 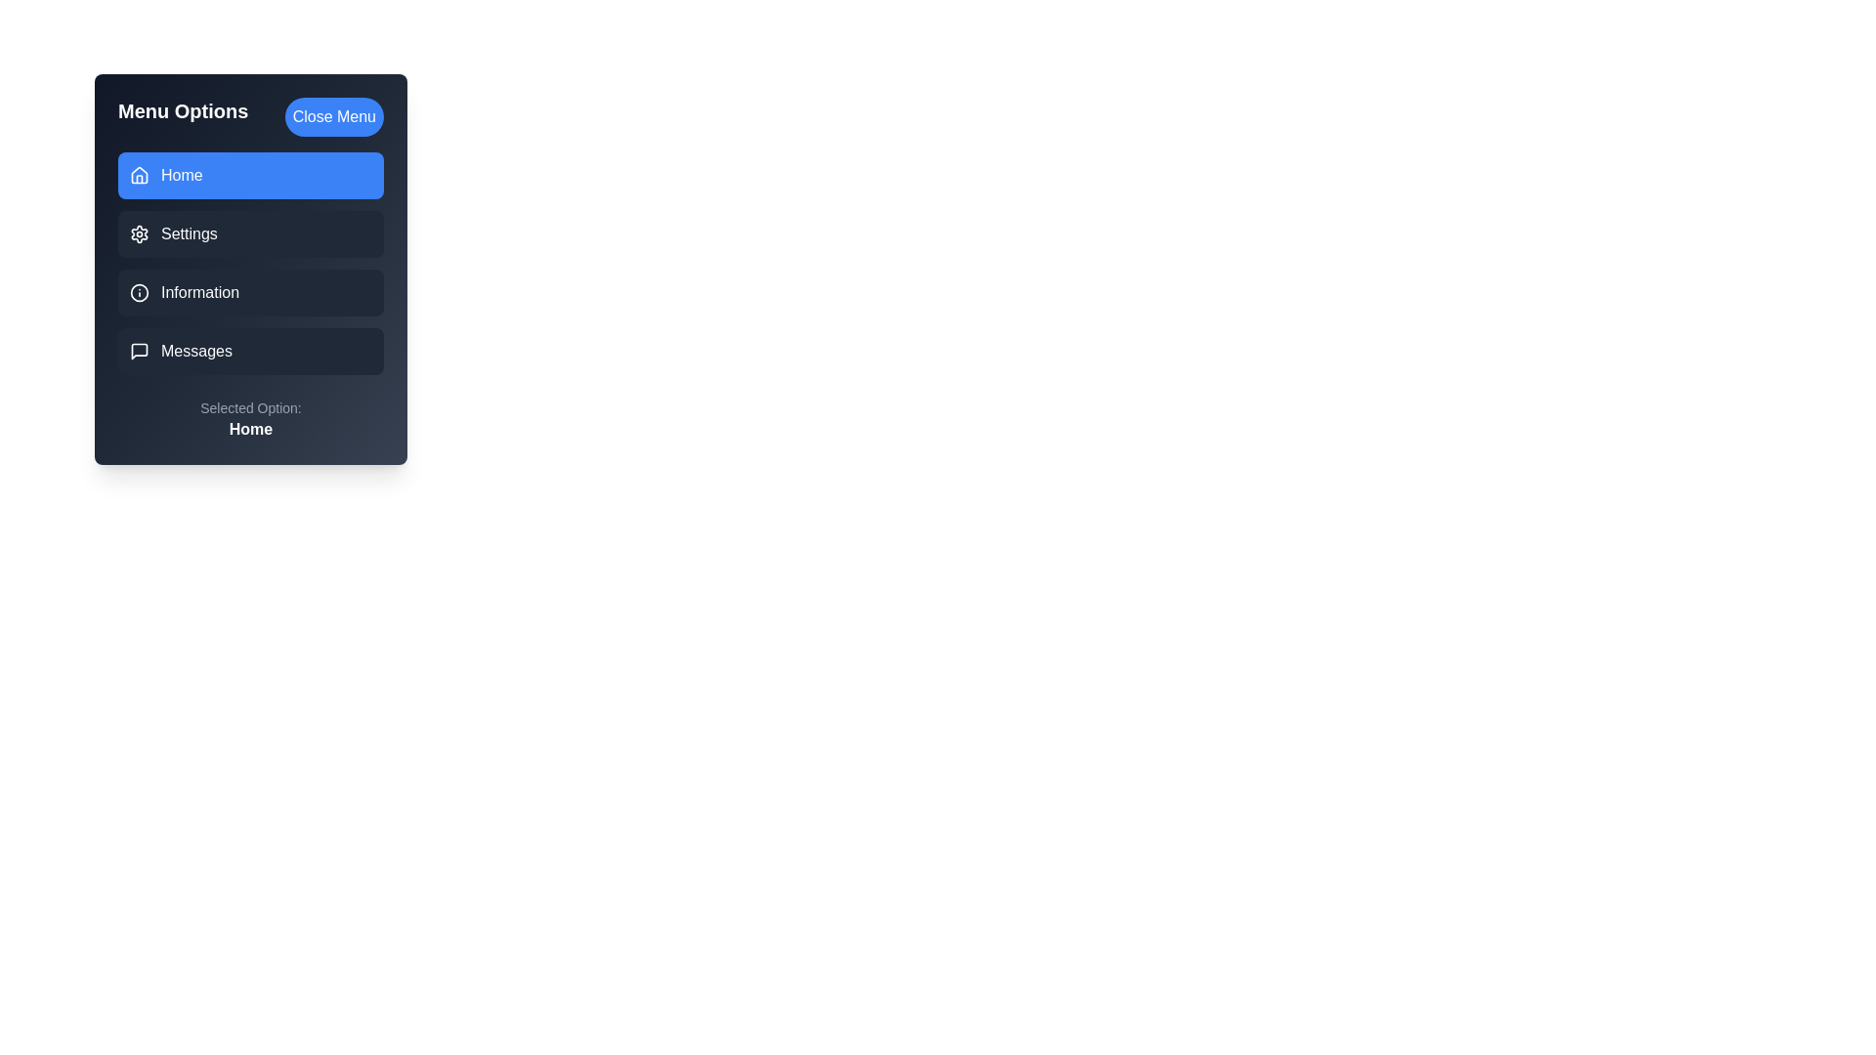 What do you see at coordinates (250, 176) in the screenshot?
I see `the blue rectangular 'Home' button with rounded corners` at bounding box center [250, 176].